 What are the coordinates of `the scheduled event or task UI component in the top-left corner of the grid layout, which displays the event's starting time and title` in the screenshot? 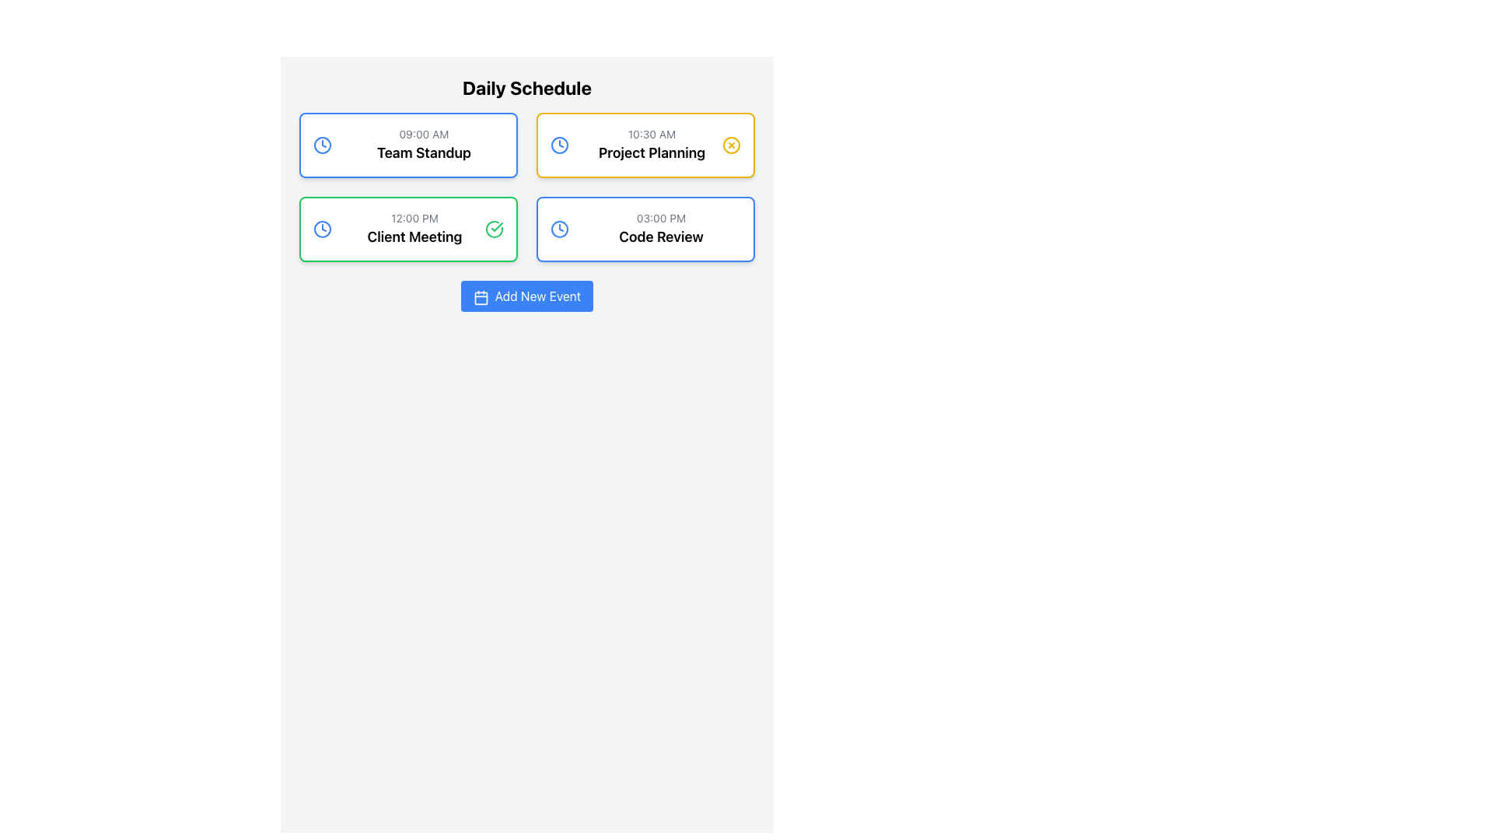 It's located at (408, 145).